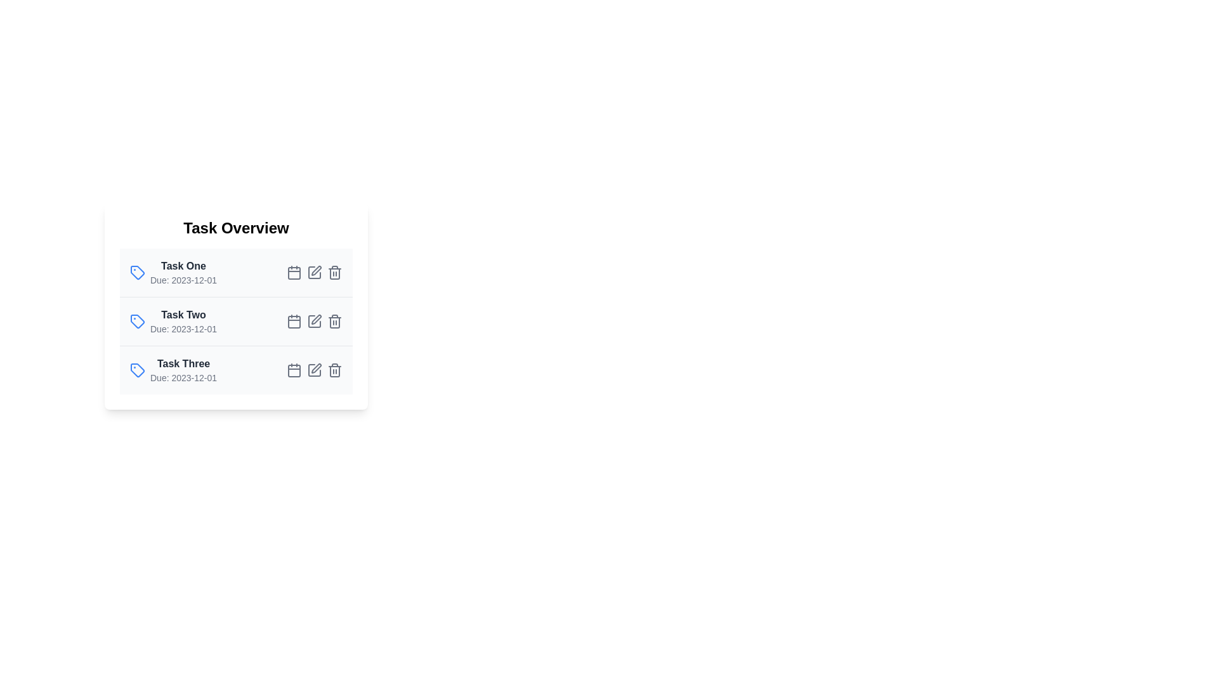 The image size is (1218, 685). Describe the element at coordinates (314, 271) in the screenshot. I see `the edit button, which is the middle icon in the action button group to the right of the row labeled 'Task One Due: 2023-12-01', to initiate editing` at that location.